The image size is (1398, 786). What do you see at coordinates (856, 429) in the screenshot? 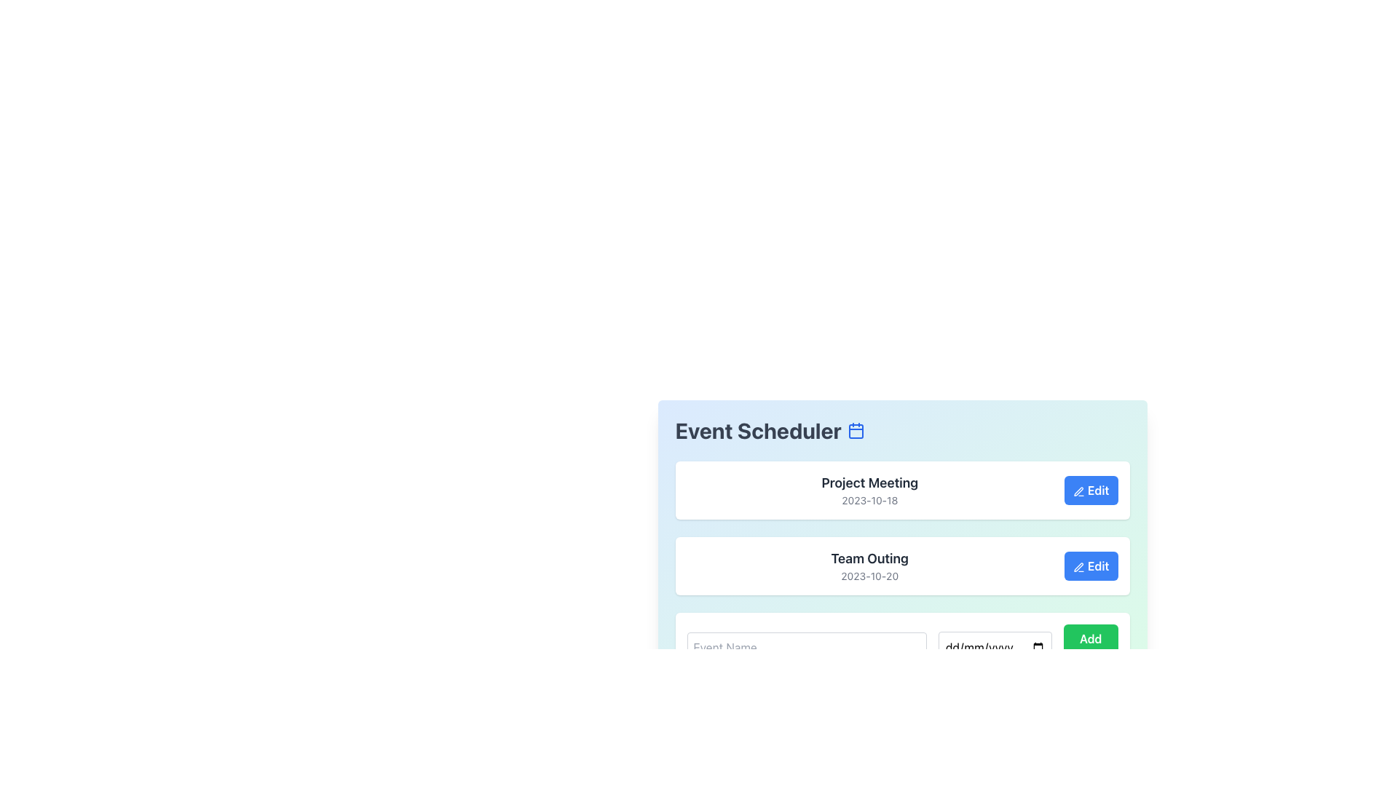
I see `the decorative or functional icon related to scheduling events, which is located to the right of the 'Event Scheduler' title and aligns vertically with it` at bounding box center [856, 429].